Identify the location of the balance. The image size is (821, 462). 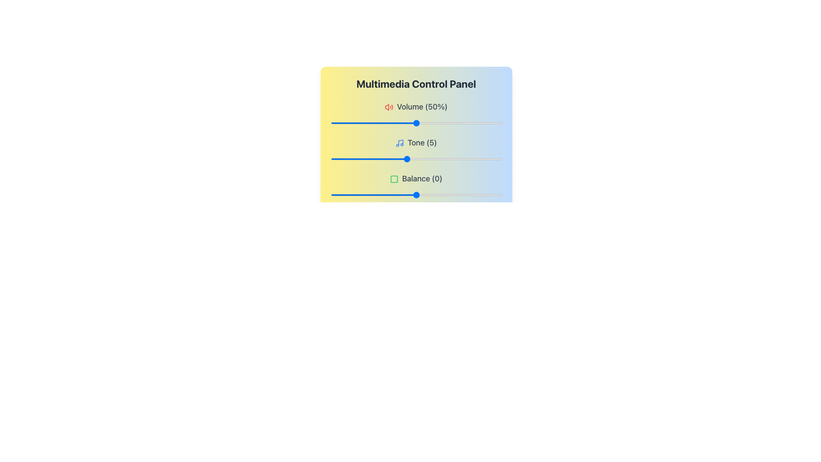
(455, 195).